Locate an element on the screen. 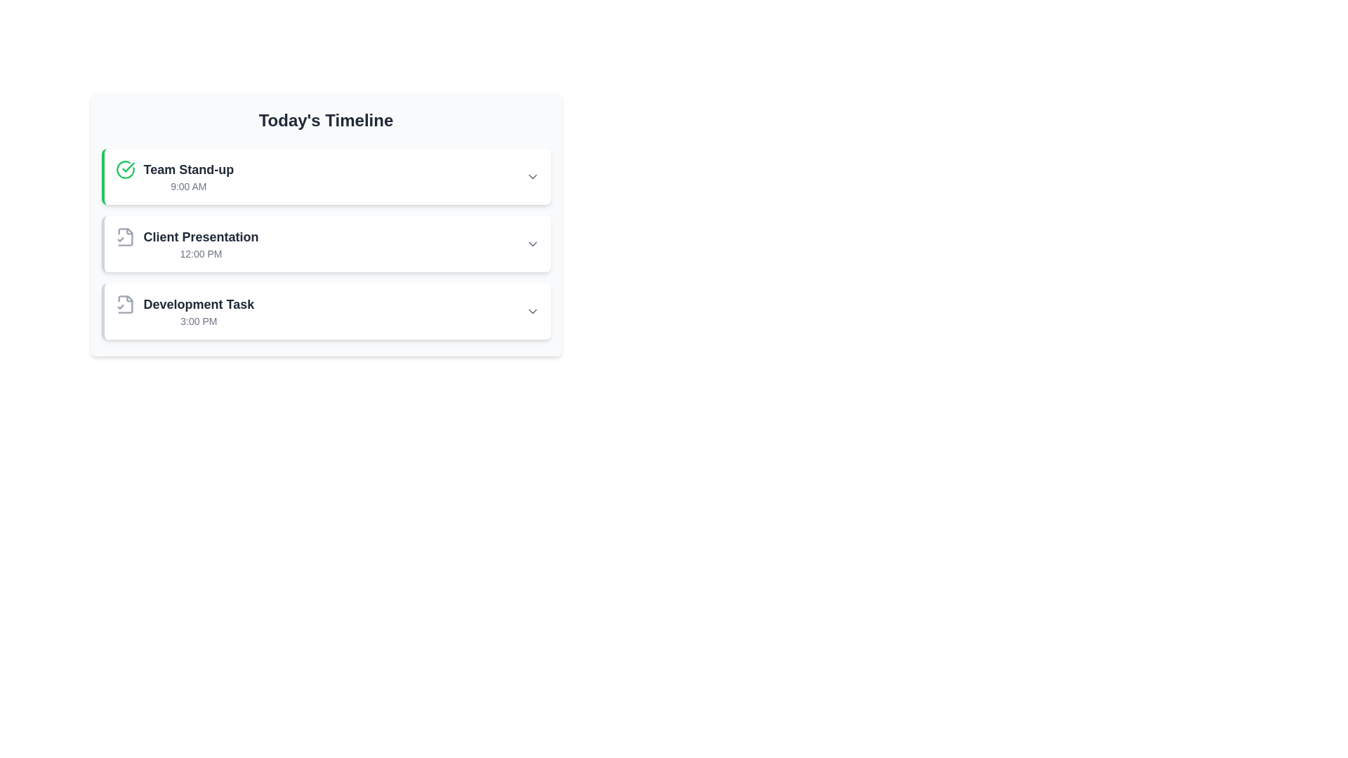 The width and height of the screenshot is (1348, 758). the timeline entry that displays 'Development Task' with the time '3:00 PM', which includes a document icon with a check mark, positioned in the third slot of 'Today's Timeline' is located at coordinates (184, 310).